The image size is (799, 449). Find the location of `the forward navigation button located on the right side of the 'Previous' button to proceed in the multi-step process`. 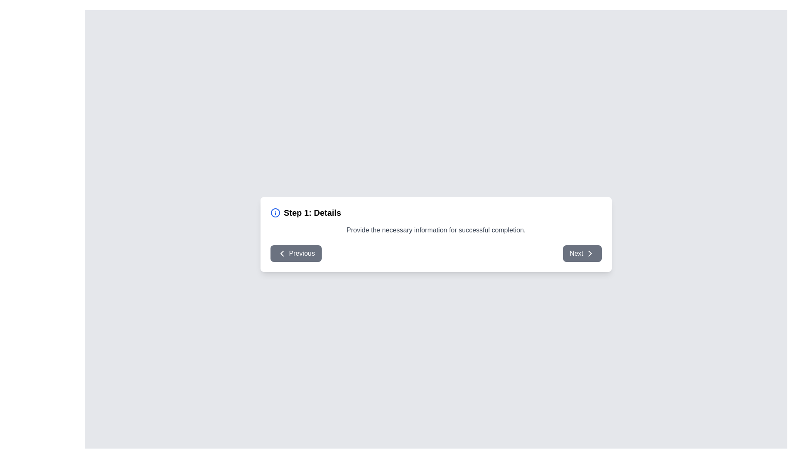

the forward navigation button located on the right side of the 'Previous' button to proceed in the multi-step process is located at coordinates (581, 253).